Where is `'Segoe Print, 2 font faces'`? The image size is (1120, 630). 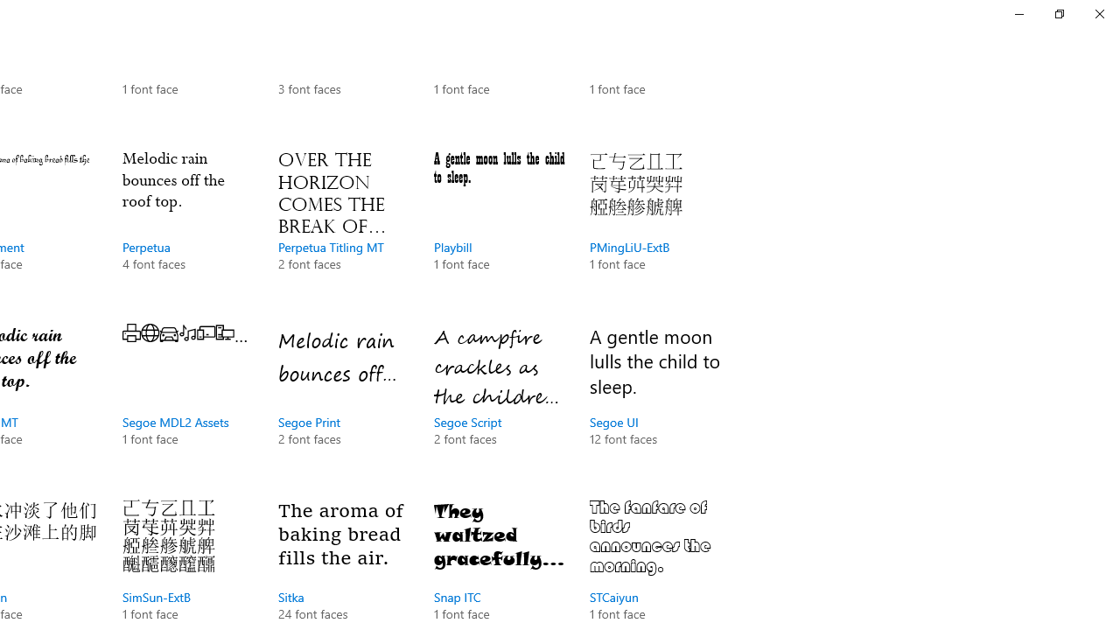 'Segoe Print, 2 font faces' is located at coordinates (343, 402).